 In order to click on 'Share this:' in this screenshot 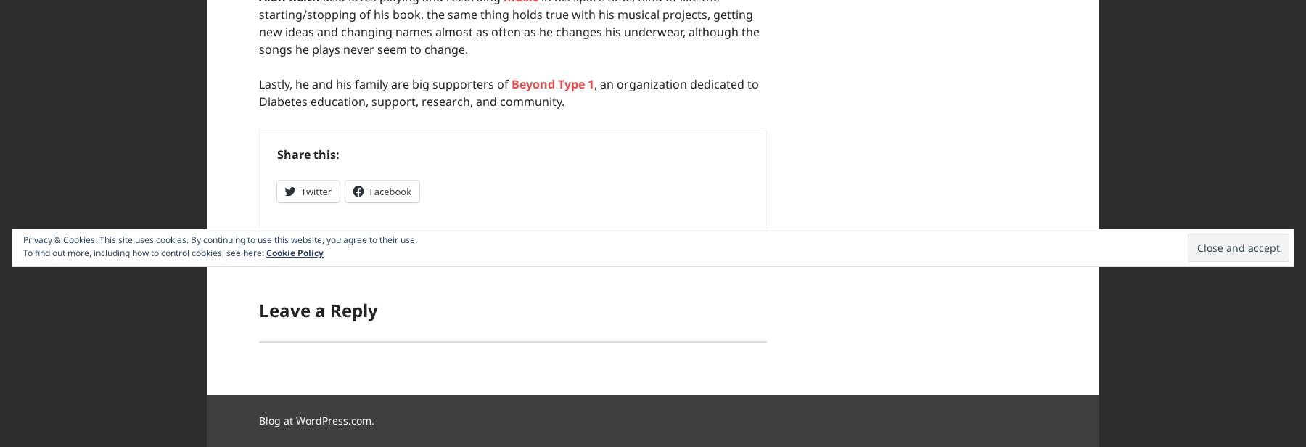, I will do `click(276, 155)`.